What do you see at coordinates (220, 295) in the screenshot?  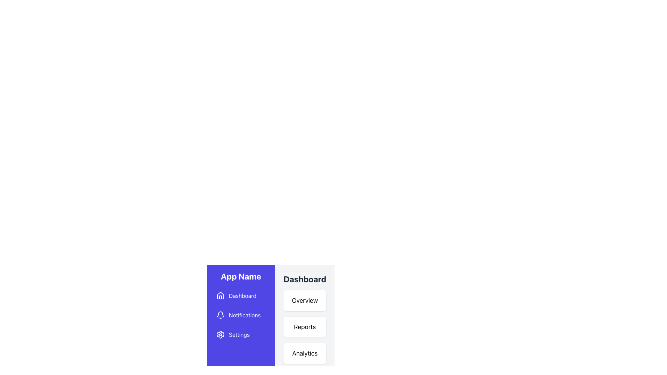 I see `the 'Dashboard' navigation icon located` at bounding box center [220, 295].